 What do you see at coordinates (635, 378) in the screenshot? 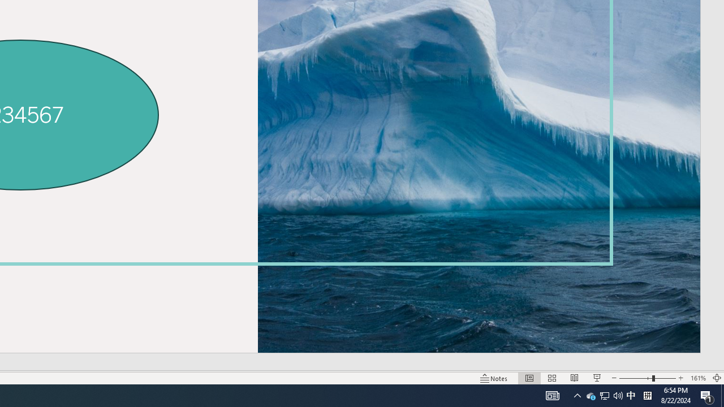
I see `'Zoom Out'` at bounding box center [635, 378].